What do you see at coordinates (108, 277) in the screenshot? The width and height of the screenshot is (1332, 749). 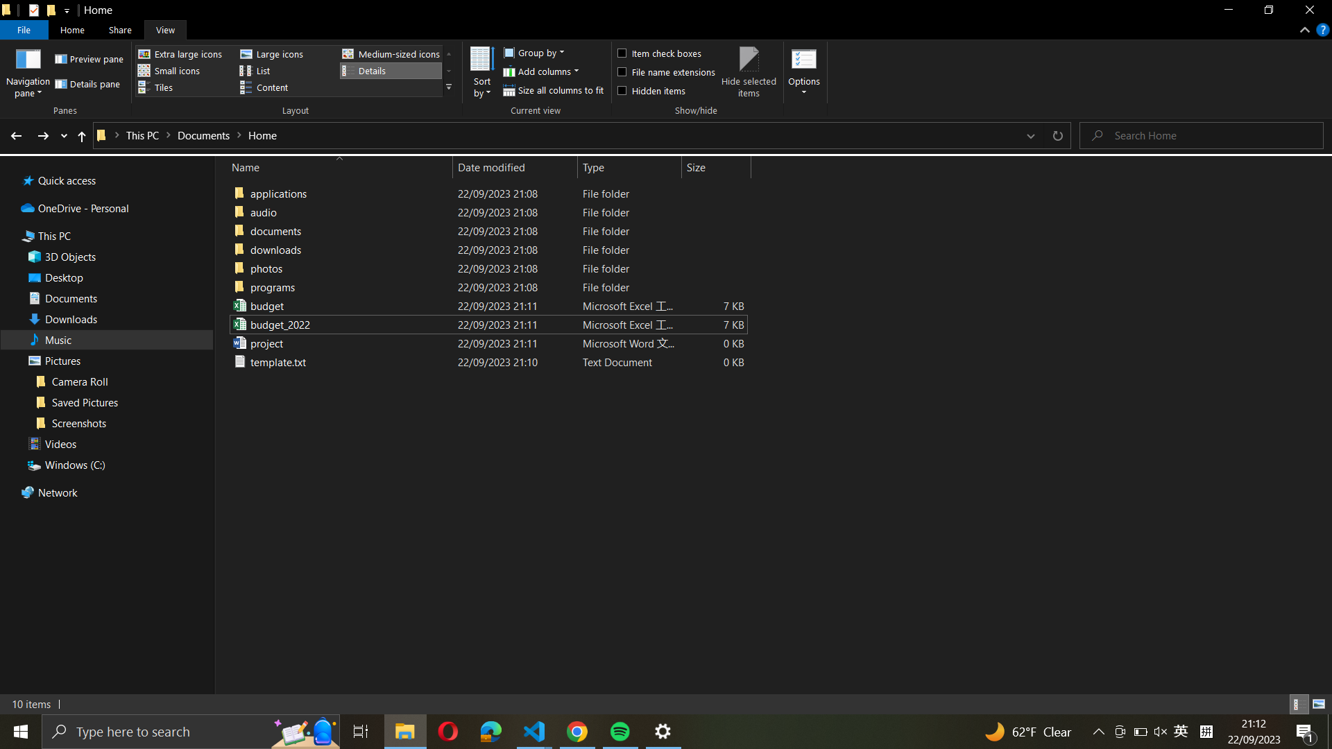 I see `the Desktop directory straight from the left-hand menu` at bounding box center [108, 277].